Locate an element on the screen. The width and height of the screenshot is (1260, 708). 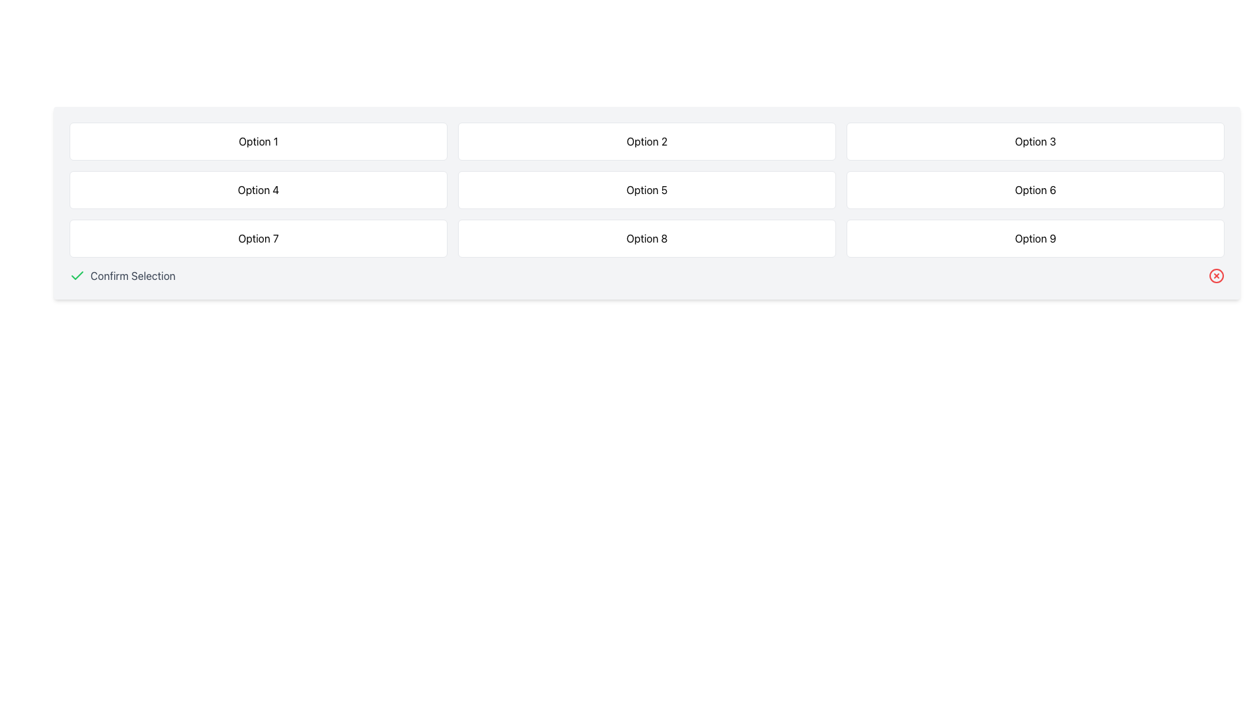
the selectable option button located in the first column of the first row within the grid is located at coordinates (258, 142).